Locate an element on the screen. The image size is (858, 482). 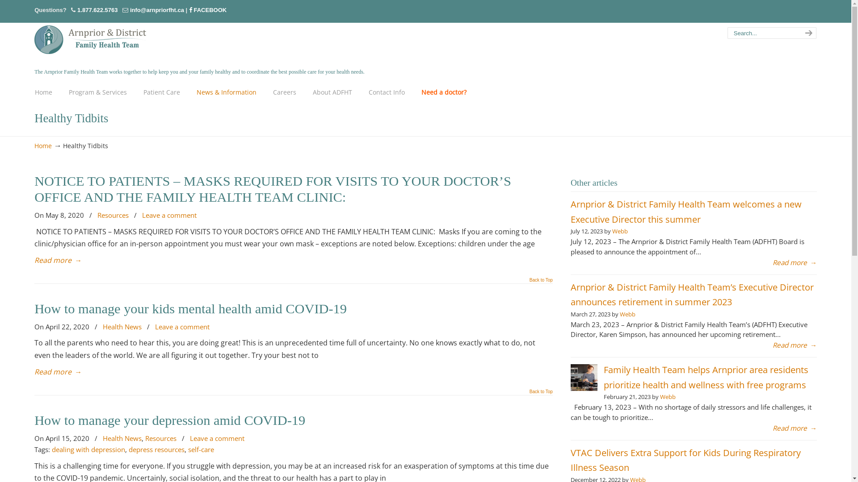
'Home' is located at coordinates (42, 145).